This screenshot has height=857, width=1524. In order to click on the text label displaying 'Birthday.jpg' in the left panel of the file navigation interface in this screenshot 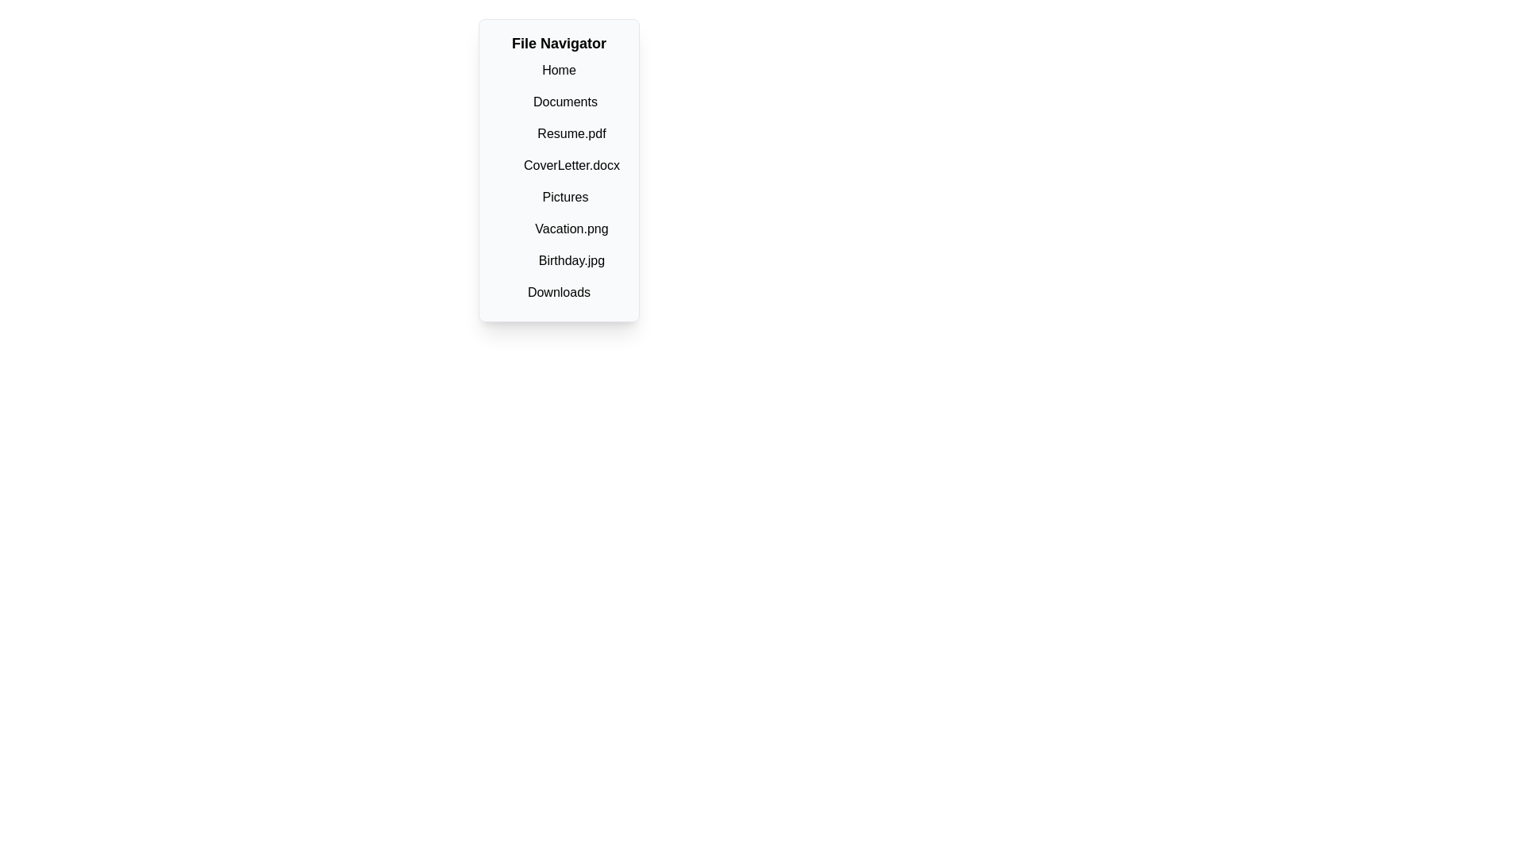, I will do `click(571, 259)`.